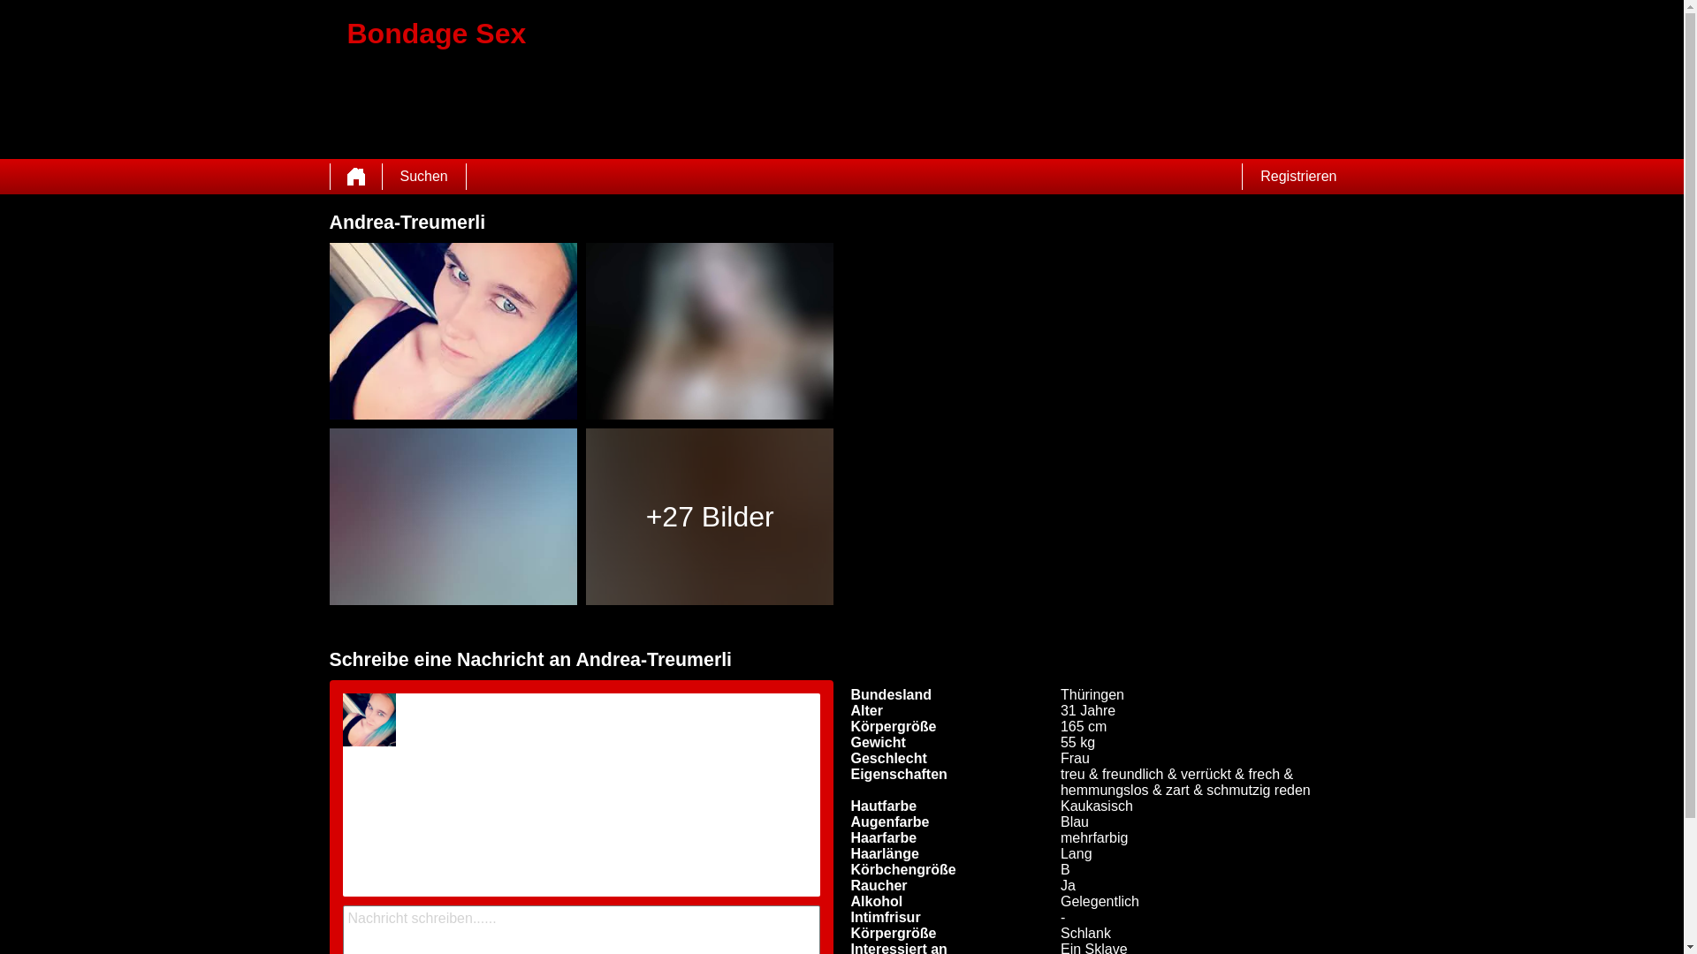 Image resolution: width=1697 pixels, height=954 pixels. What do you see at coordinates (1297, 177) in the screenshot?
I see `'Registrieren'` at bounding box center [1297, 177].